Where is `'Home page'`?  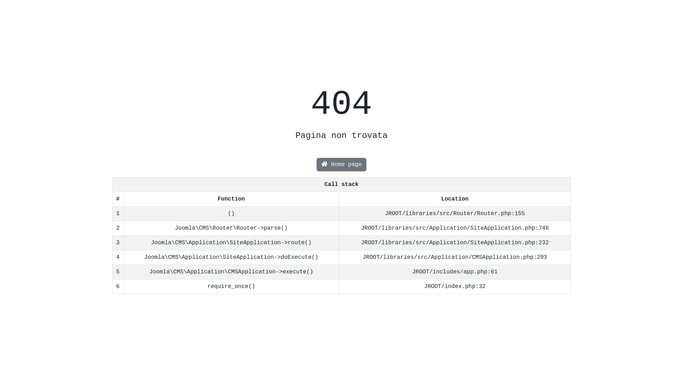
'Home page' is located at coordinates (316, 164).